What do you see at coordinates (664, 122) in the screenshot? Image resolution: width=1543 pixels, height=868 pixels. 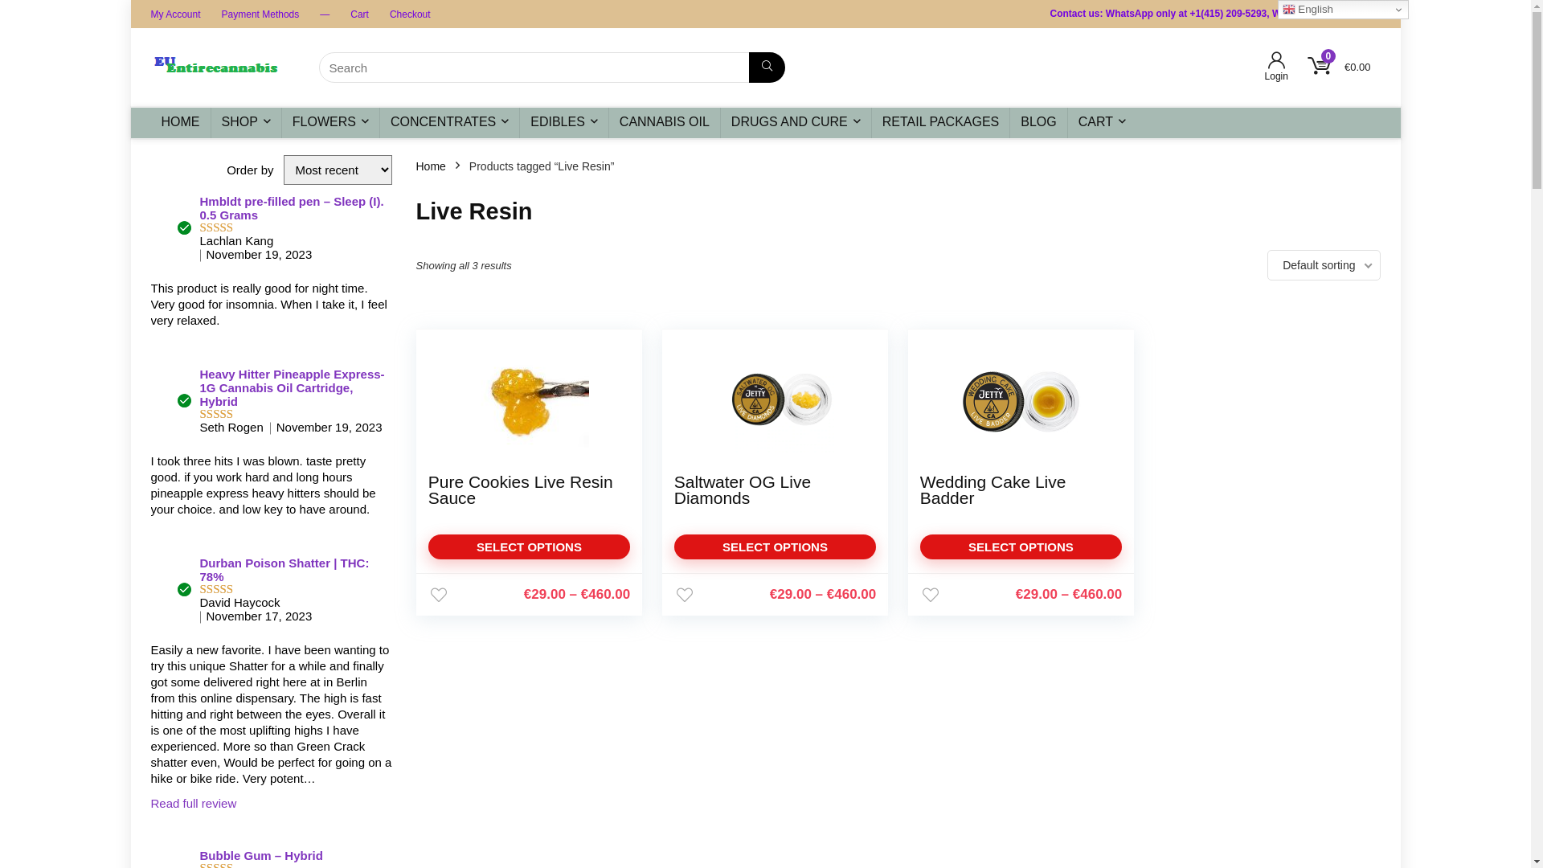 I see `'CANNABIS OIL'` at bounding box center [664, 122].